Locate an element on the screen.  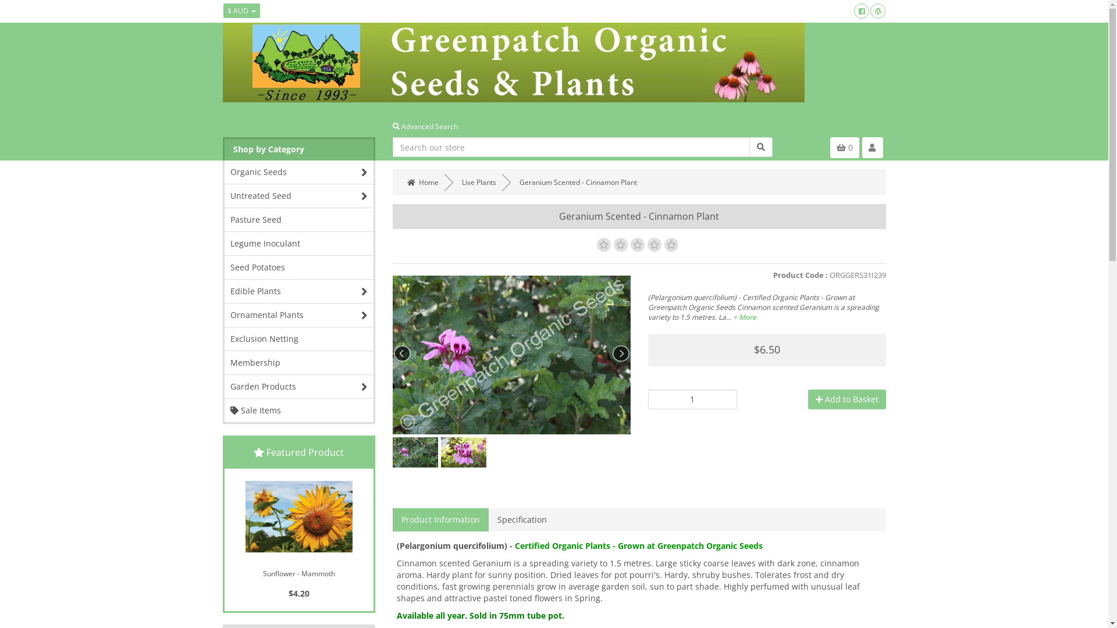
'Add to Basket' is located at coordinates (846, 398).